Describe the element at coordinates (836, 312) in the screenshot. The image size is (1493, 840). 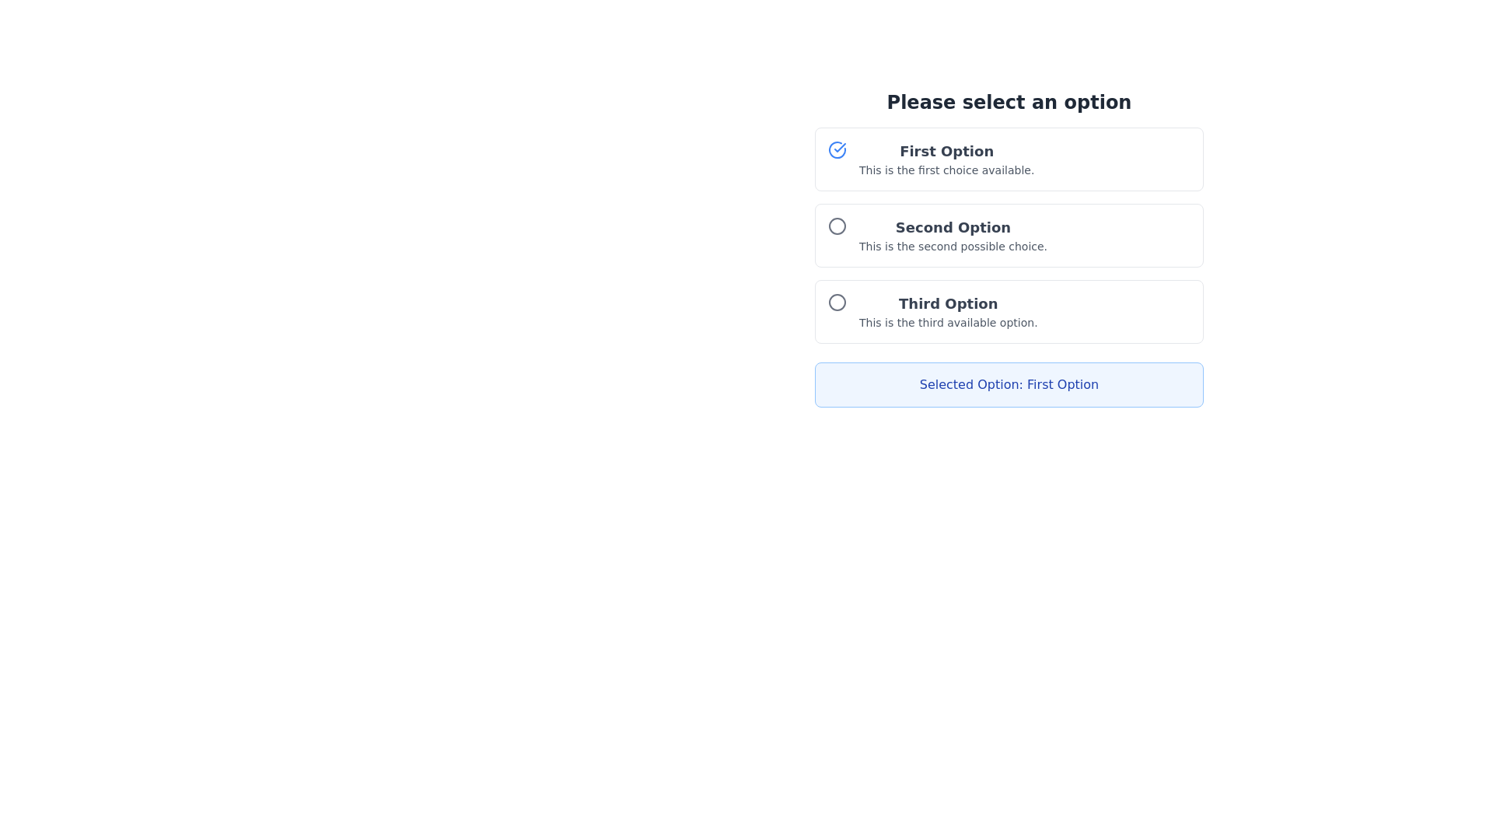
I see `the gray radio button icon located to the left of the text labeled 'Third Option'` at that location.